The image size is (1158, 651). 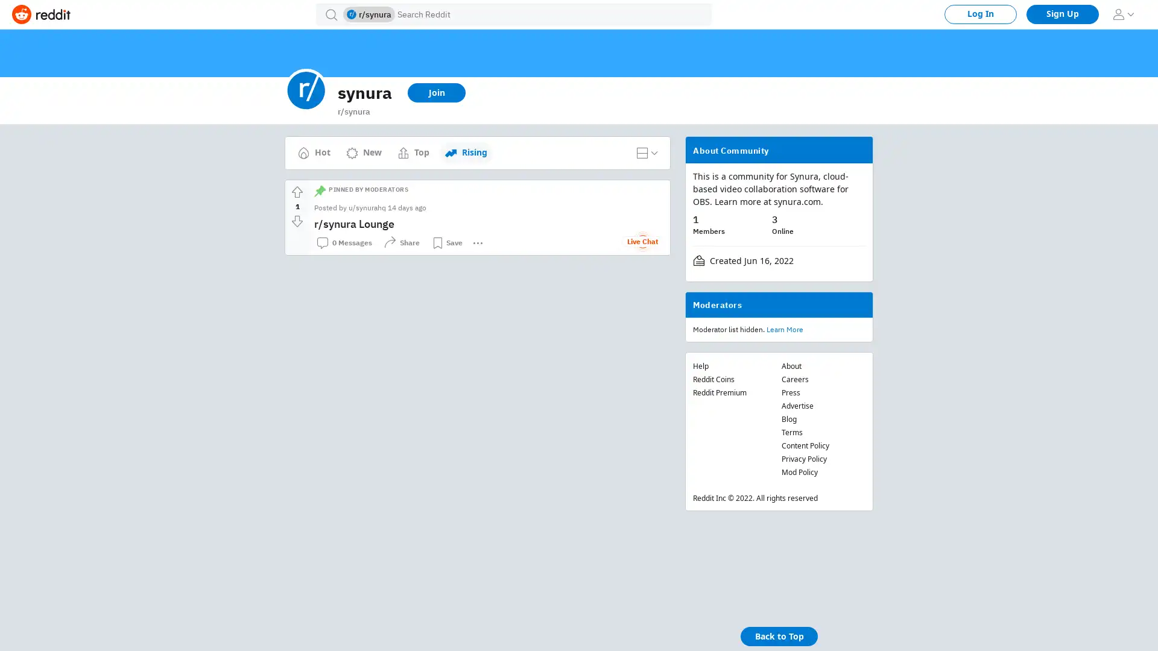 I want to click on Hot, so click(x=314, y=153).